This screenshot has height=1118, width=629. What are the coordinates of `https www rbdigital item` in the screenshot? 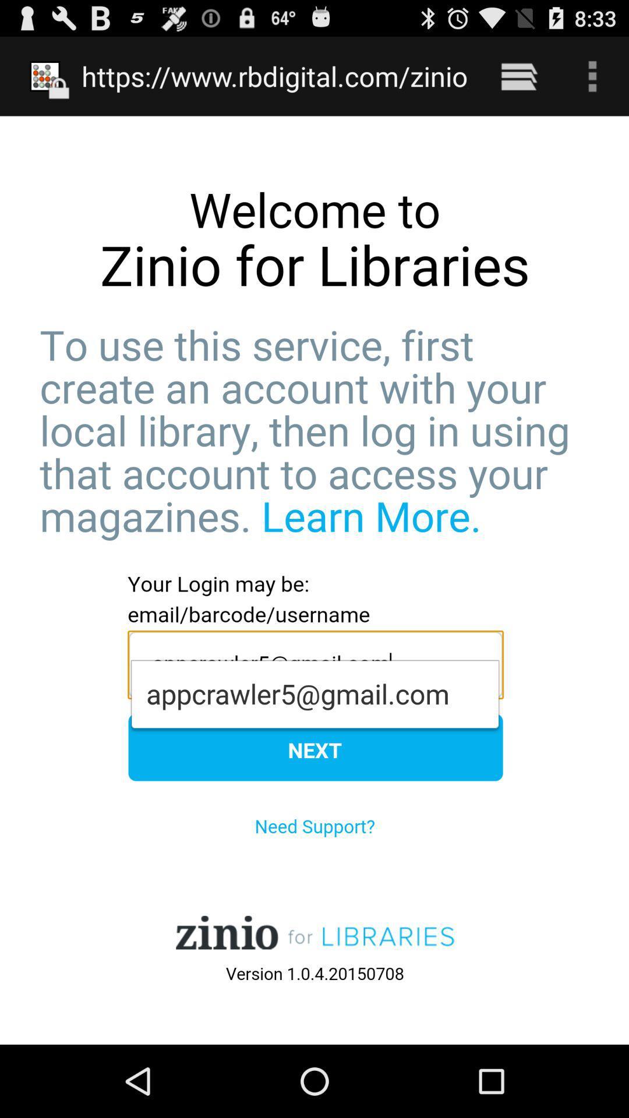 It's located at (275, 76).